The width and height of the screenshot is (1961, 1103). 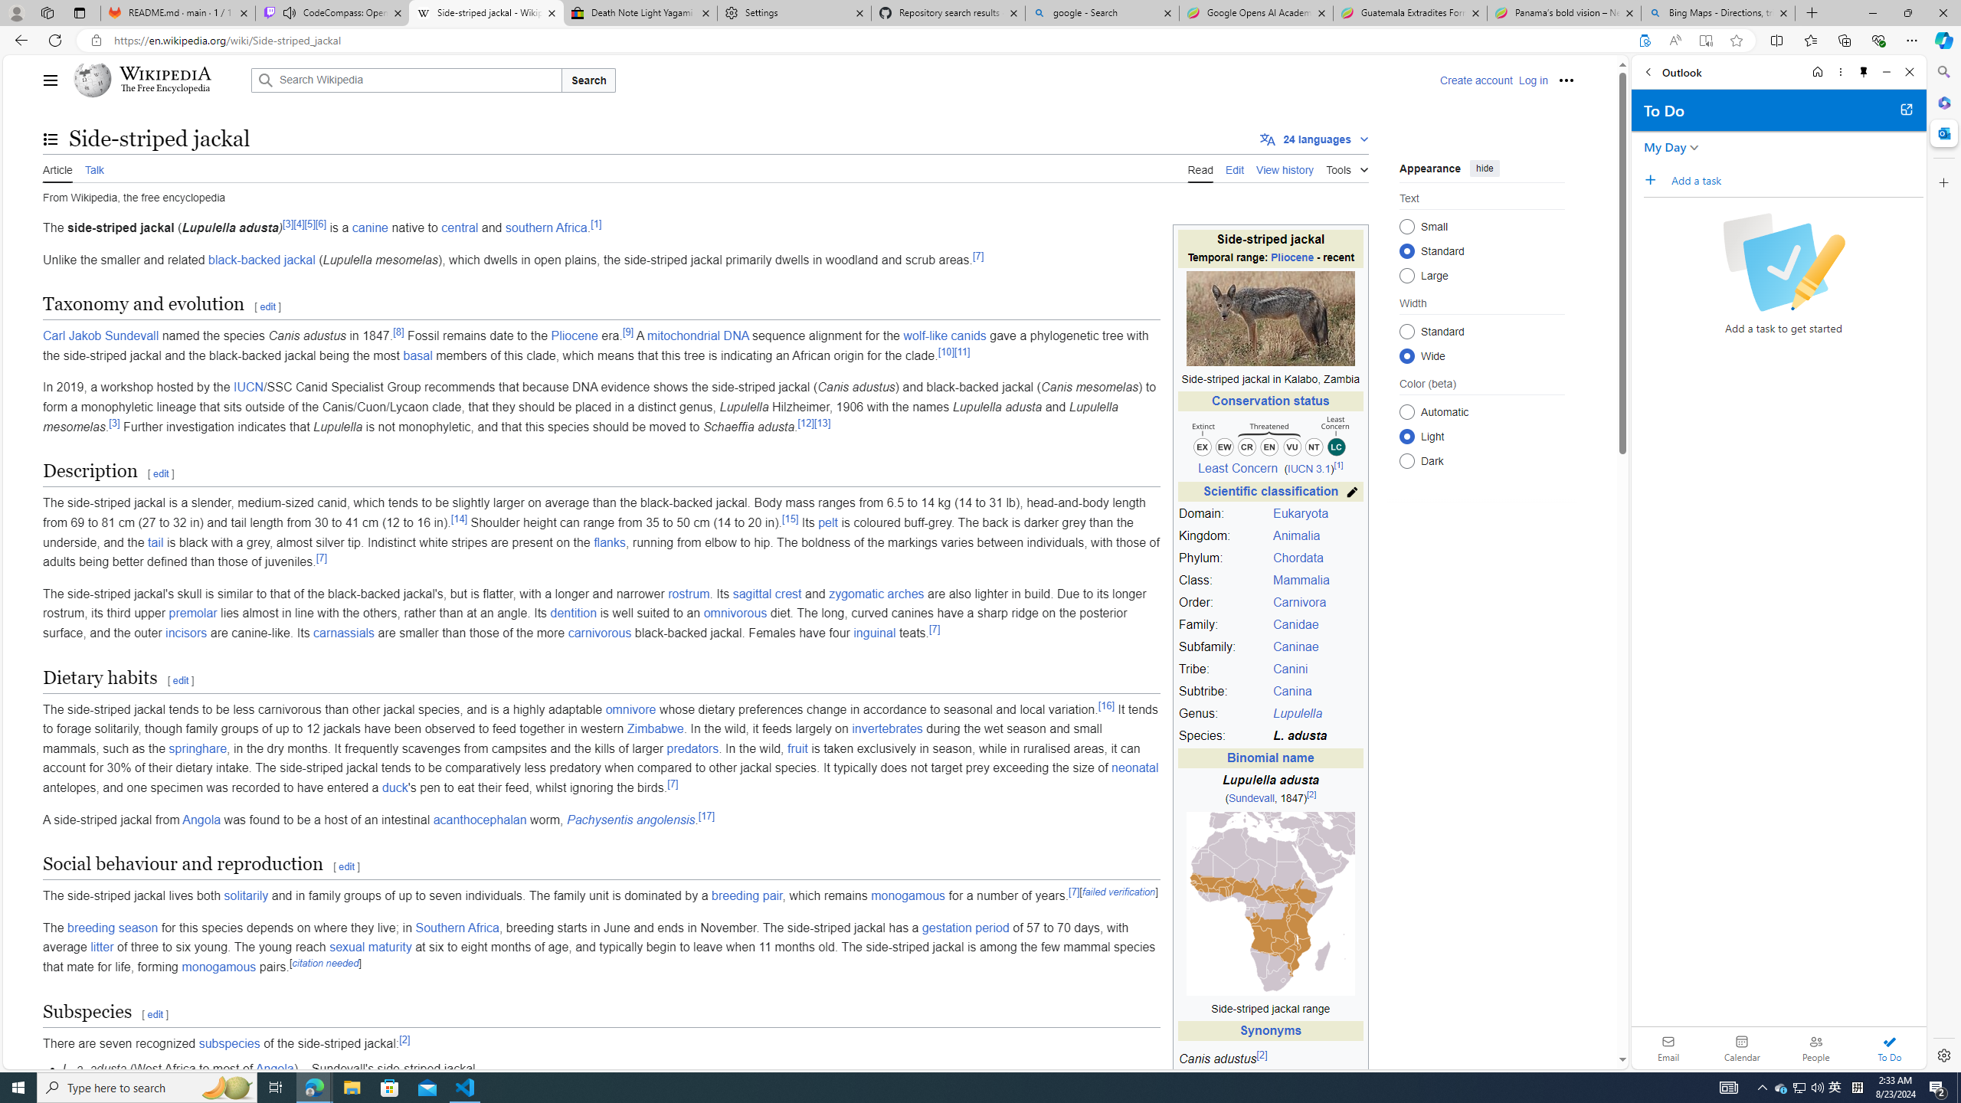 What do you see at coordinates (1668, 1047) in the screenshot?
I see `'Email'` at bounding box center [1668, 1047].